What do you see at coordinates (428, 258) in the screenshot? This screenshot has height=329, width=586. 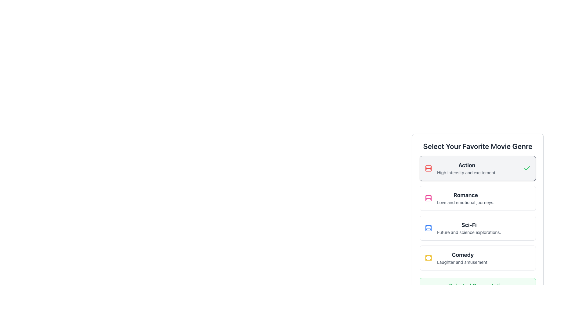 I see `the movie reel icon, which is centrally positioned within the 'Action' genre representation on the left side of the 'Action' option in the movie genre selection list` at bounding box center [428, 258].